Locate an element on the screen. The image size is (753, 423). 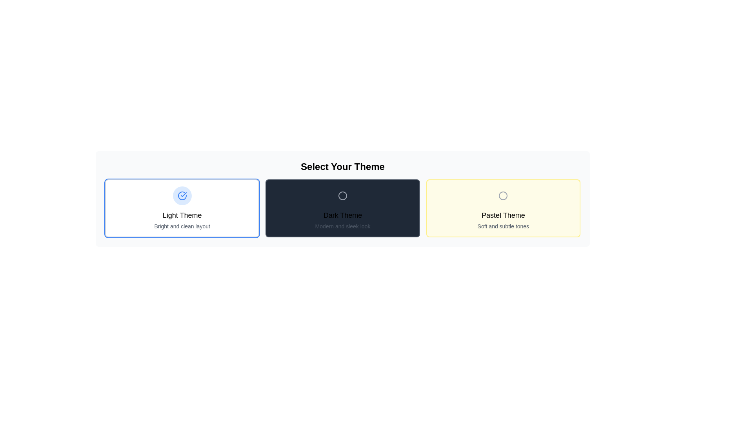
the descriptive text label that explains the 'Pastel Theme', located at the bottom of the card labeled 'Pastel Theme' is located at coordinates (503, 226).